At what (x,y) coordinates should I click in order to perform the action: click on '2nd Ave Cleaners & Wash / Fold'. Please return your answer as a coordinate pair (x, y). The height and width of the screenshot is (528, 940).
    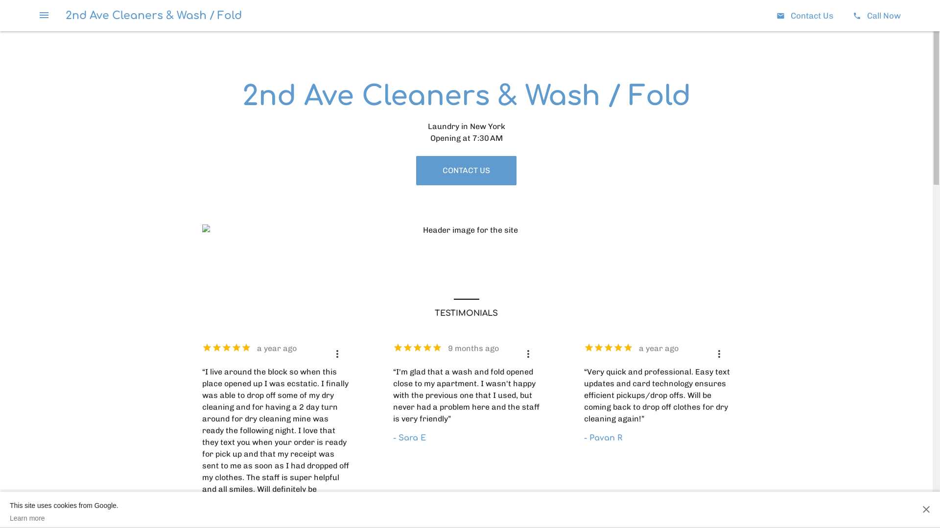
    Looking at the image, I should click on (153, 15).